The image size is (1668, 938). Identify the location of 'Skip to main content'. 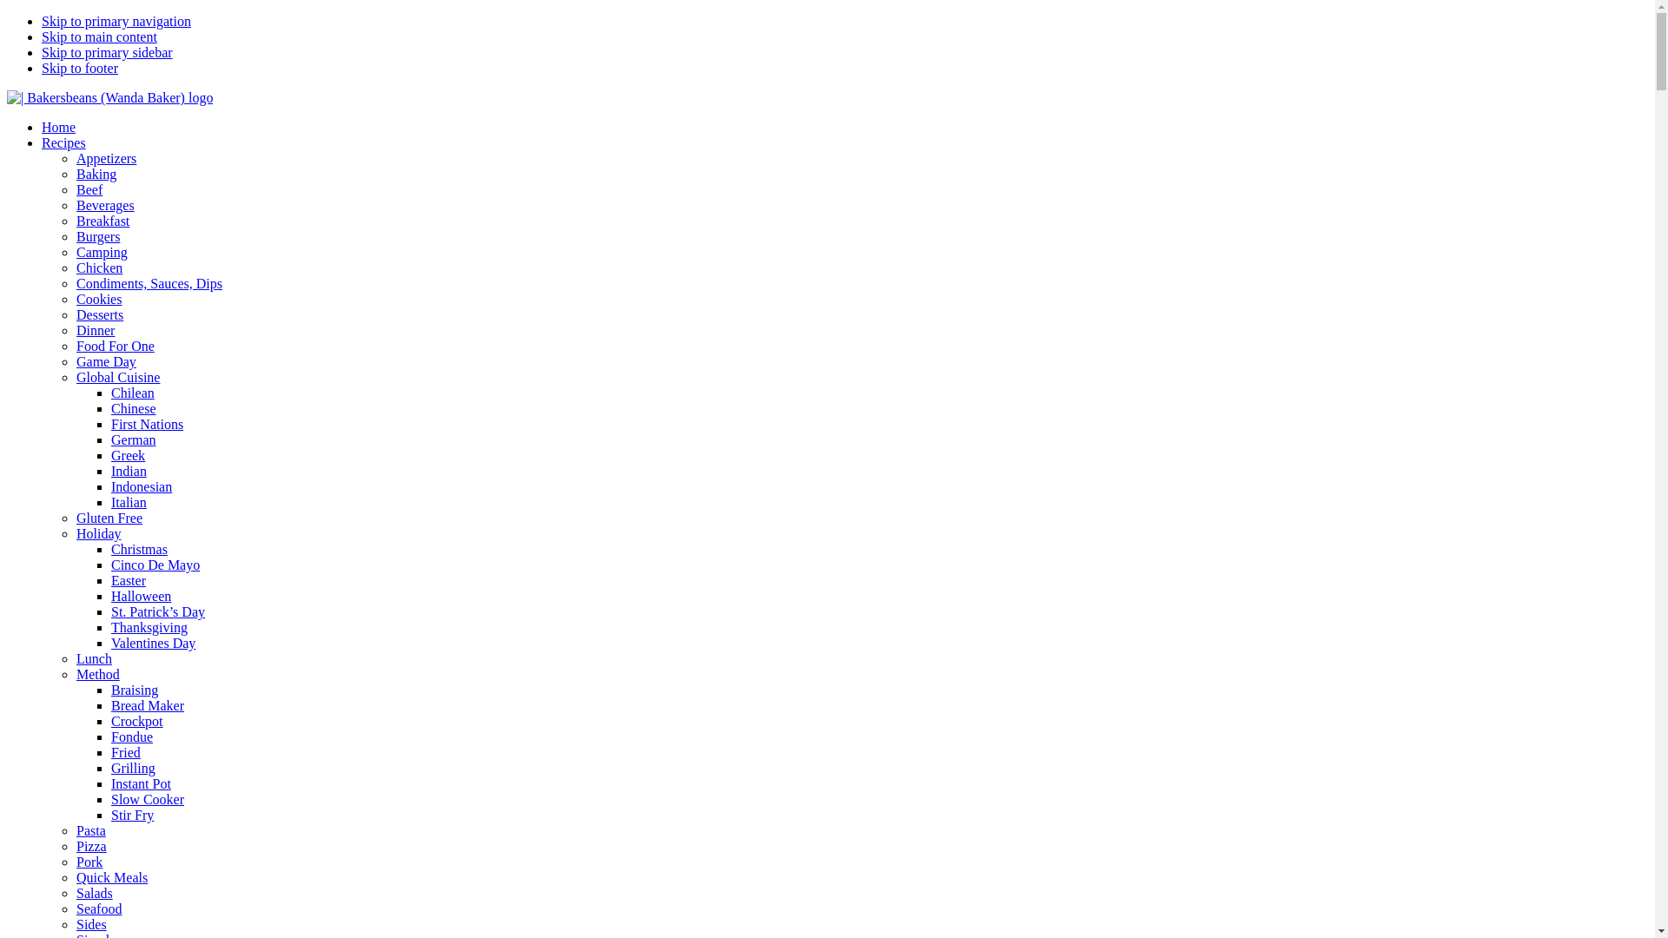
(98, 36).